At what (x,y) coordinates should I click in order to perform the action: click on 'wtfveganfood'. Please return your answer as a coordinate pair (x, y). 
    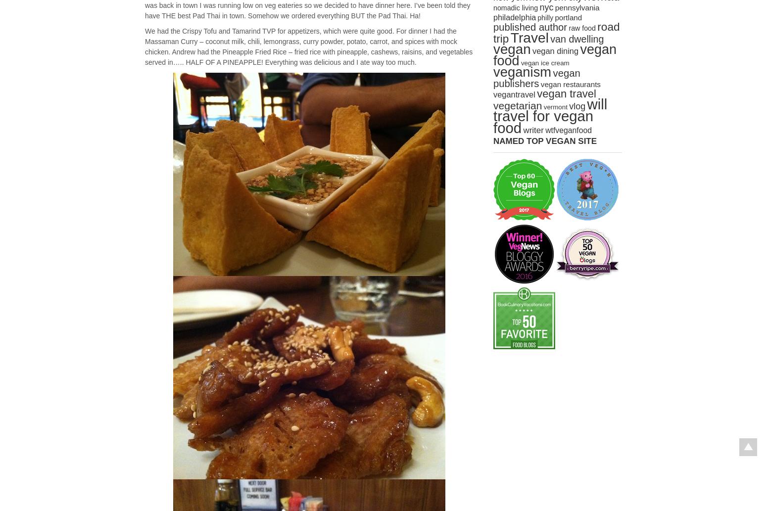
    Looking at the image, I should click on (568, 130).